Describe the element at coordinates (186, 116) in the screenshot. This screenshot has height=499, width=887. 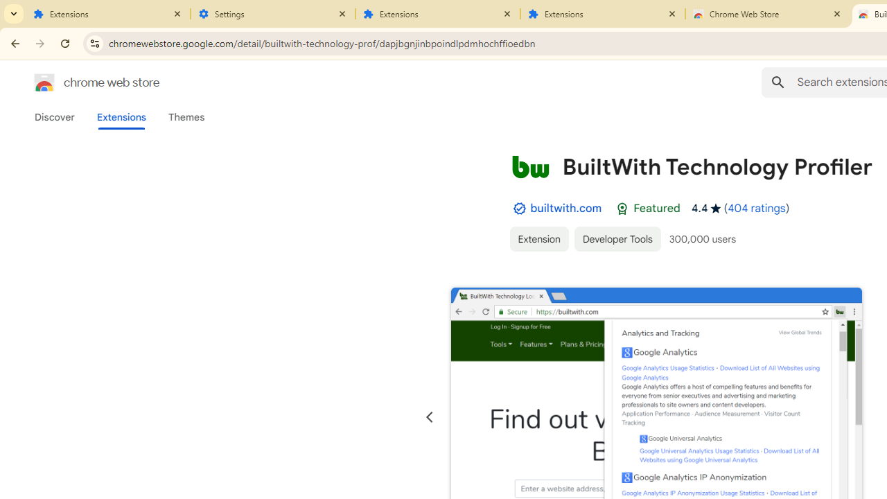
I see `'Themes'` at that location.